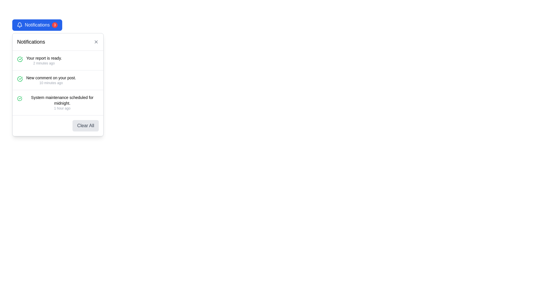 Image resolution: width=548 pixels, height=308 pixels. Describe the element at coordinates (19, 25) in the screenshot. I see `the bell icon which is styled with a linear, minimalistic design and is located within the 'Notifications' button, before the text and badge indicators` at that location.